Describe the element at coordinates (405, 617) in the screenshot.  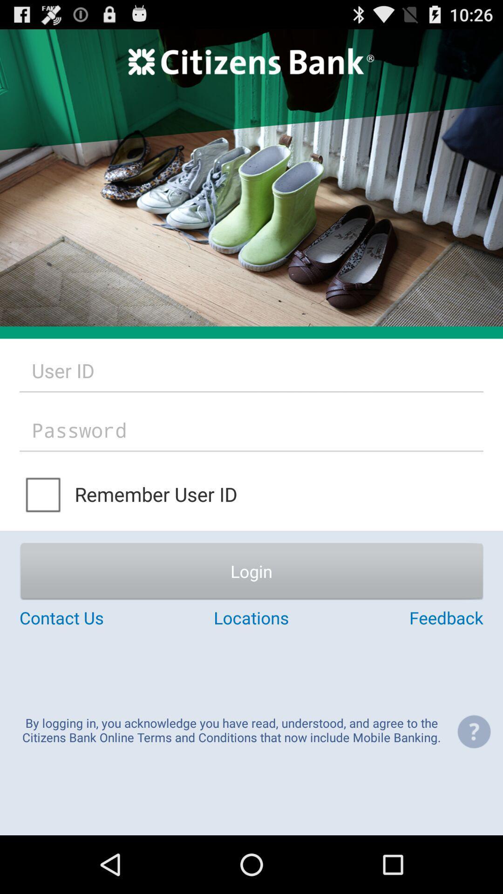
I see `item above the by logging in app` at that location.